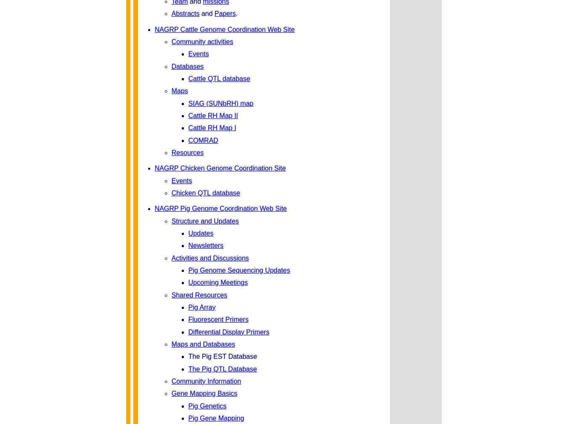  I want to click on 'Resources', so click(187, 152).